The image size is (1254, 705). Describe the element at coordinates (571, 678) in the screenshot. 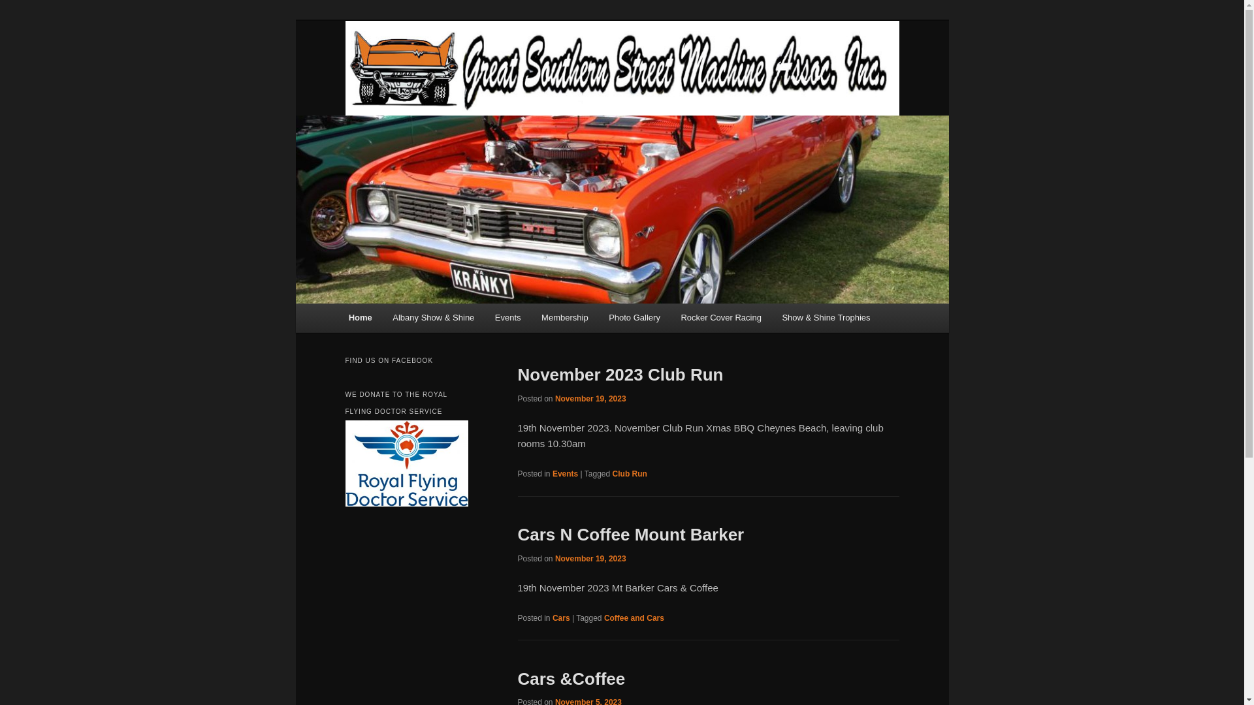

I see `'Cars &Coffee'` at that location.